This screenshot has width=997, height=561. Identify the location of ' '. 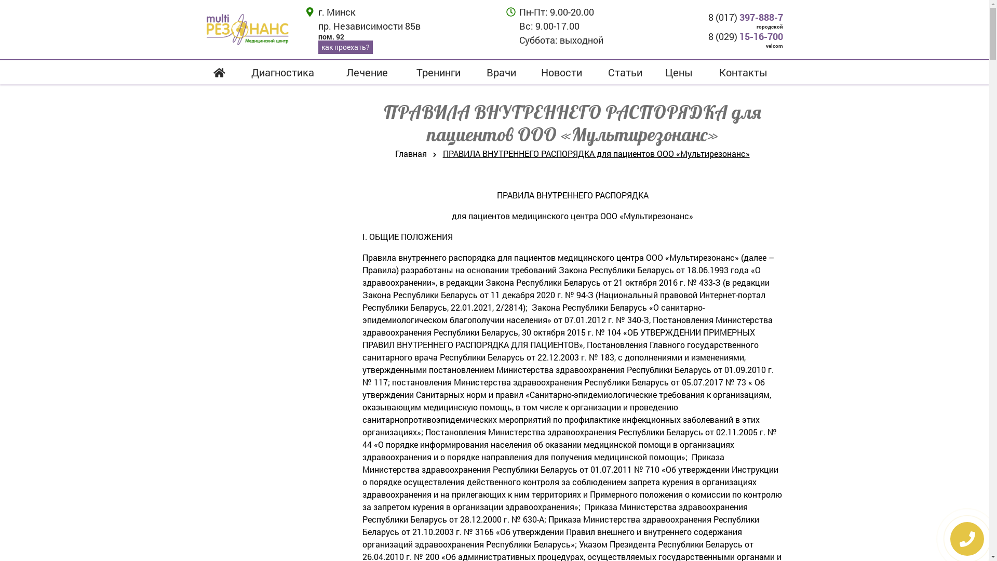
(248, 29).